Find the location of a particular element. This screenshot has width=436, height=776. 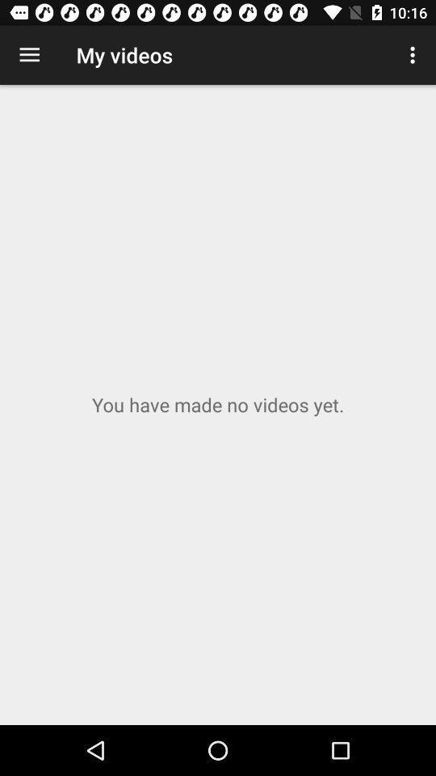

app to the left of my videos icon is located at coordinates (29, 55).